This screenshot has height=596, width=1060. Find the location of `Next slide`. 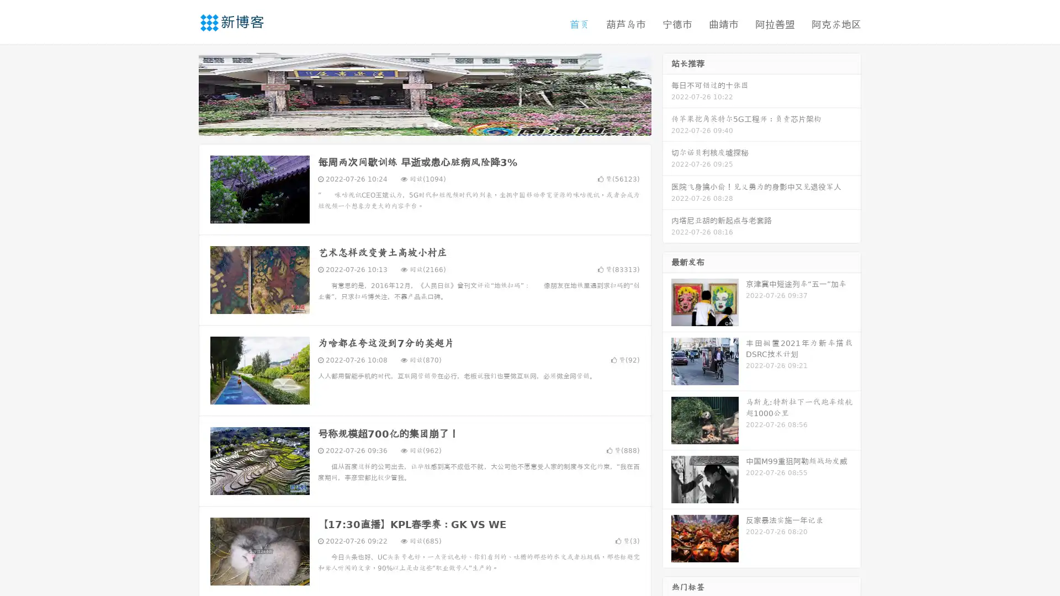

Next slide is located at coordinates (667, 93).